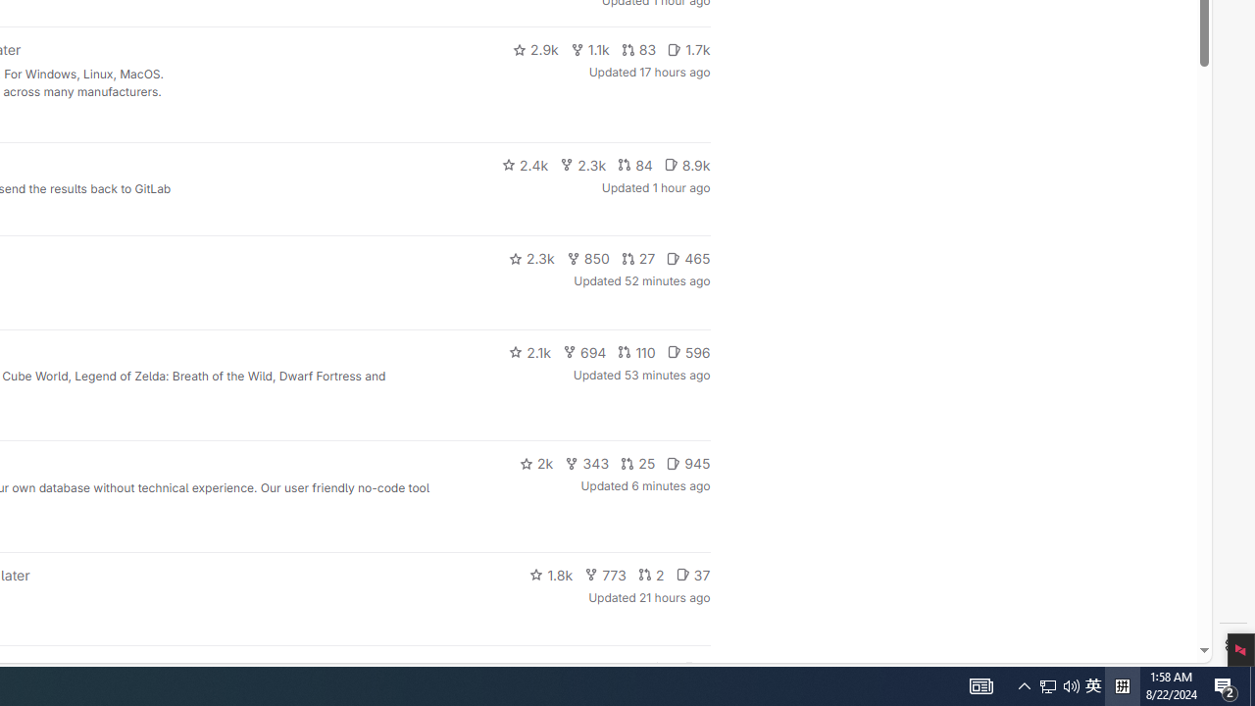 The height and width of the screenshot is (706, 1255). Describe the element at coordinates (688, 464) in the screenshot. I see `'945'` at that location.